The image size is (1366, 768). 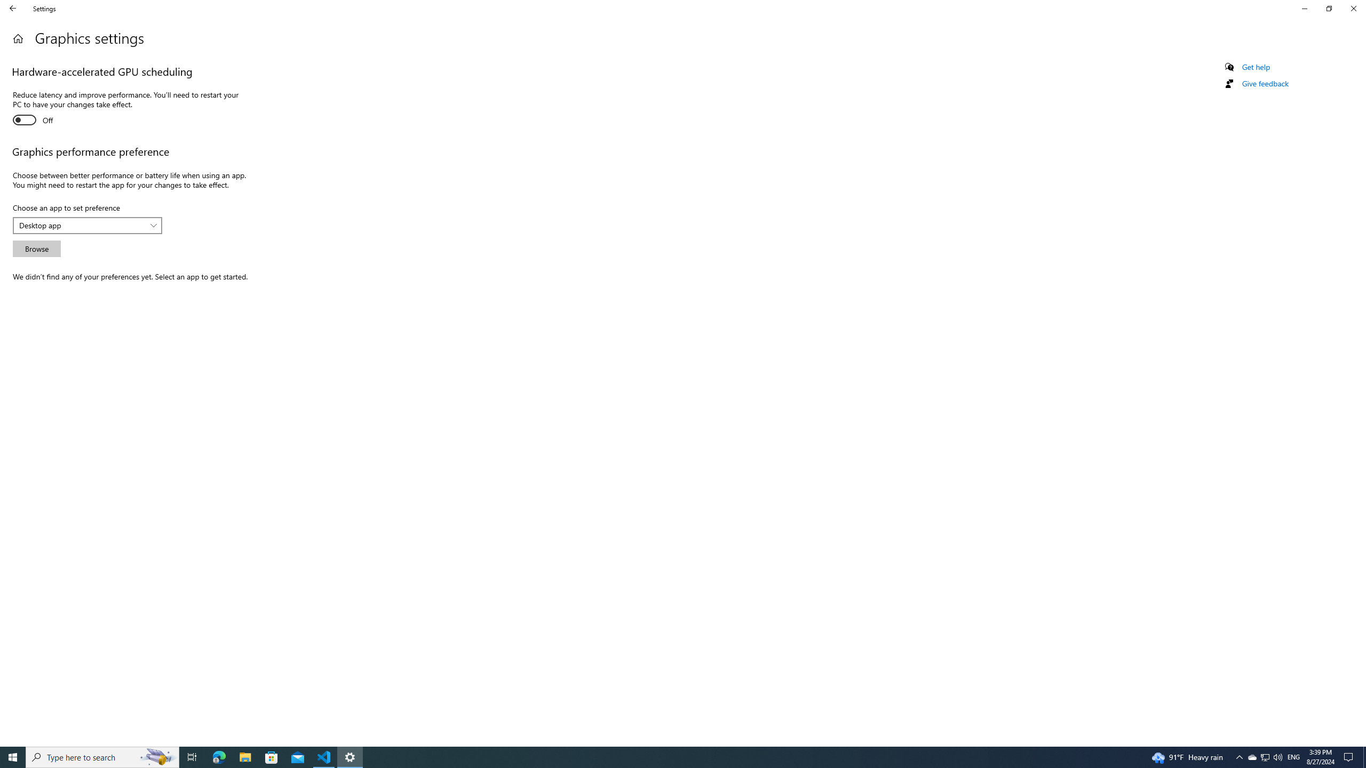 What do you see at coordinates (37, 249) in the screenshot?
I see `'Browse'` at bounding box center [37, 249].